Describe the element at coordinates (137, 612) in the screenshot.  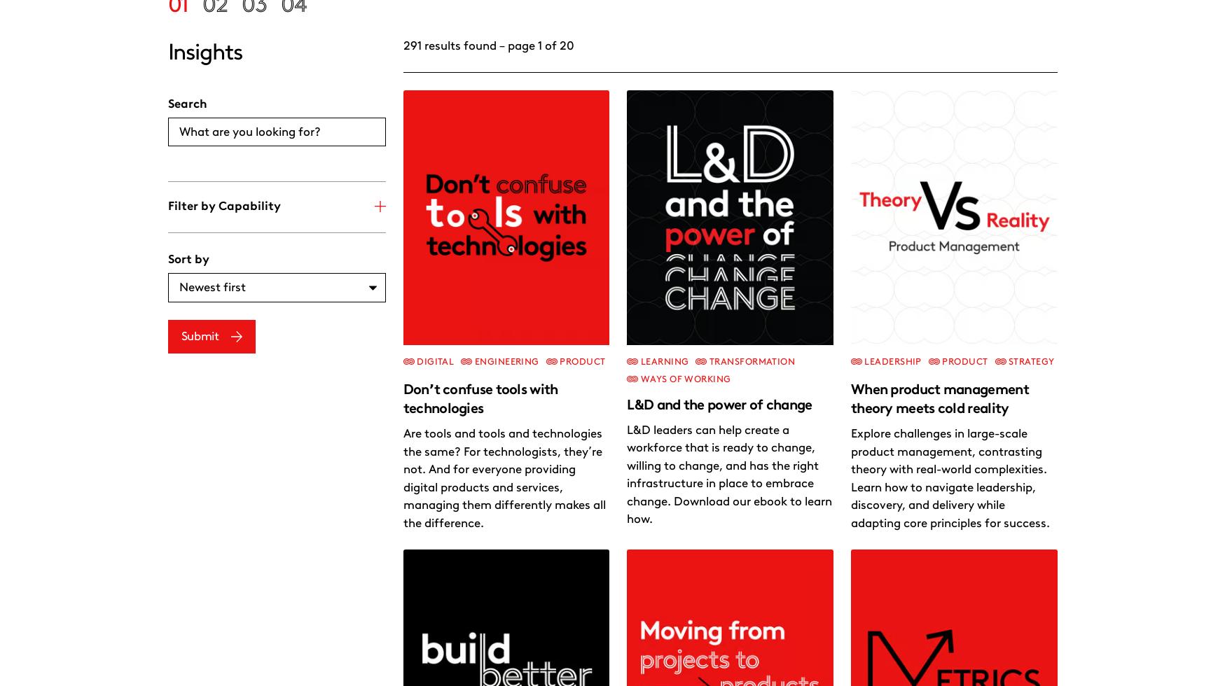
I see `'.'` at that location.